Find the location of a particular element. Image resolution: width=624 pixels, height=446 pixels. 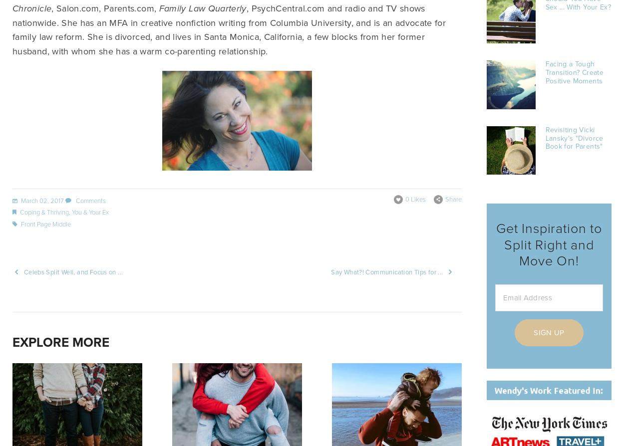

'March 02, 2017' is located at coordinates (41, 200).